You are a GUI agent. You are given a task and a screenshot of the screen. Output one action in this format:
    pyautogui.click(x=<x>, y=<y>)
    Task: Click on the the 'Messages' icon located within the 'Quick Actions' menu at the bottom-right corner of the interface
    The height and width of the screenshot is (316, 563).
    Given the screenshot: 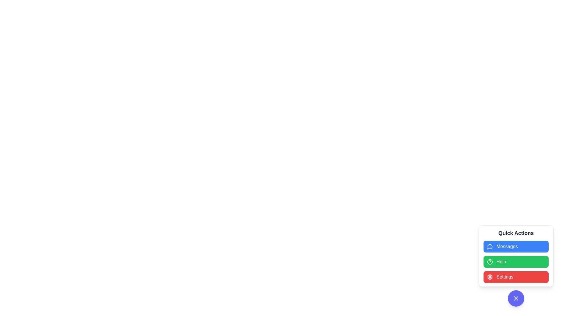 What is the action you would take?
    pyautogui.click(x=490, y=247)
    